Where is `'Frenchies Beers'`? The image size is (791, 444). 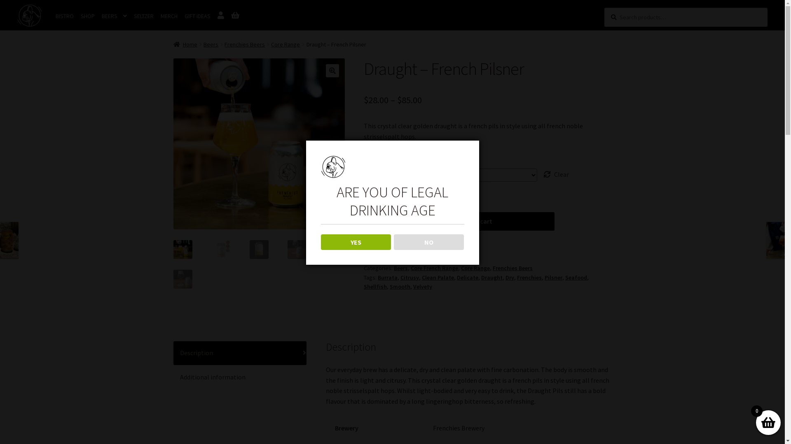
'Frenchies Beers' is located at coordinates (512, 268).